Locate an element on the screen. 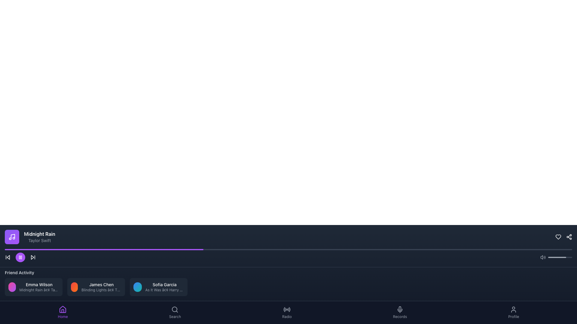 This screenshot has width=577, height=324. the gray human figure icon located in the bottom-right corner of the interface, part of the 'Profile' navigation option is located at coordinates (513, 310).